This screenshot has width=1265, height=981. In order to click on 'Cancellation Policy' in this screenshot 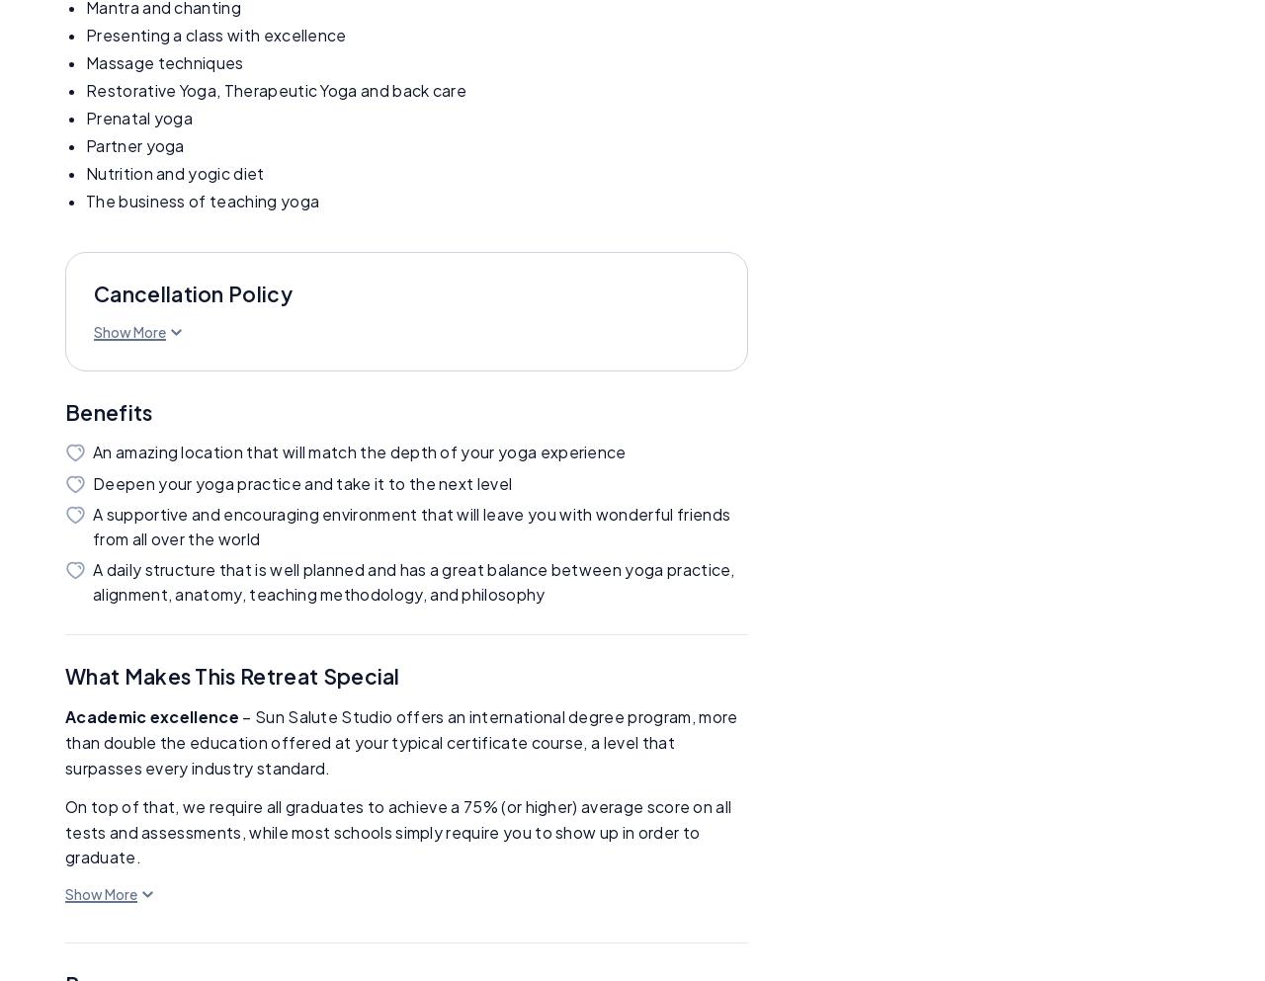, I will do `click(193, 293)`.